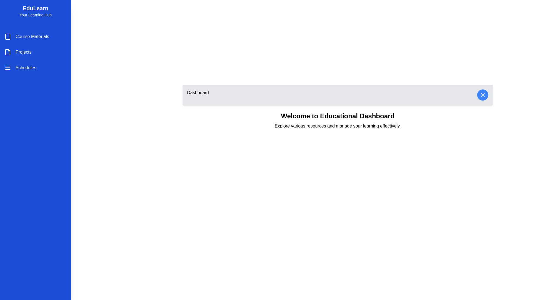  I want to click on the 'Course Materials' text label in the vertical navigation menu, so click(32, 36).